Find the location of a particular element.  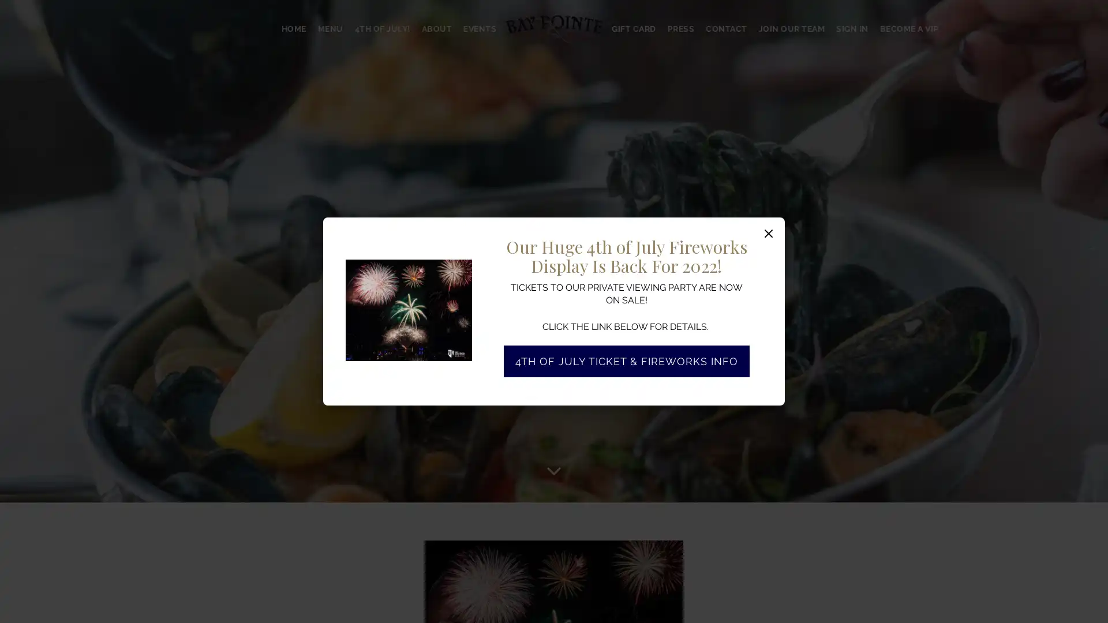

Open Photo Gallery is located at coordinates (458, 271).